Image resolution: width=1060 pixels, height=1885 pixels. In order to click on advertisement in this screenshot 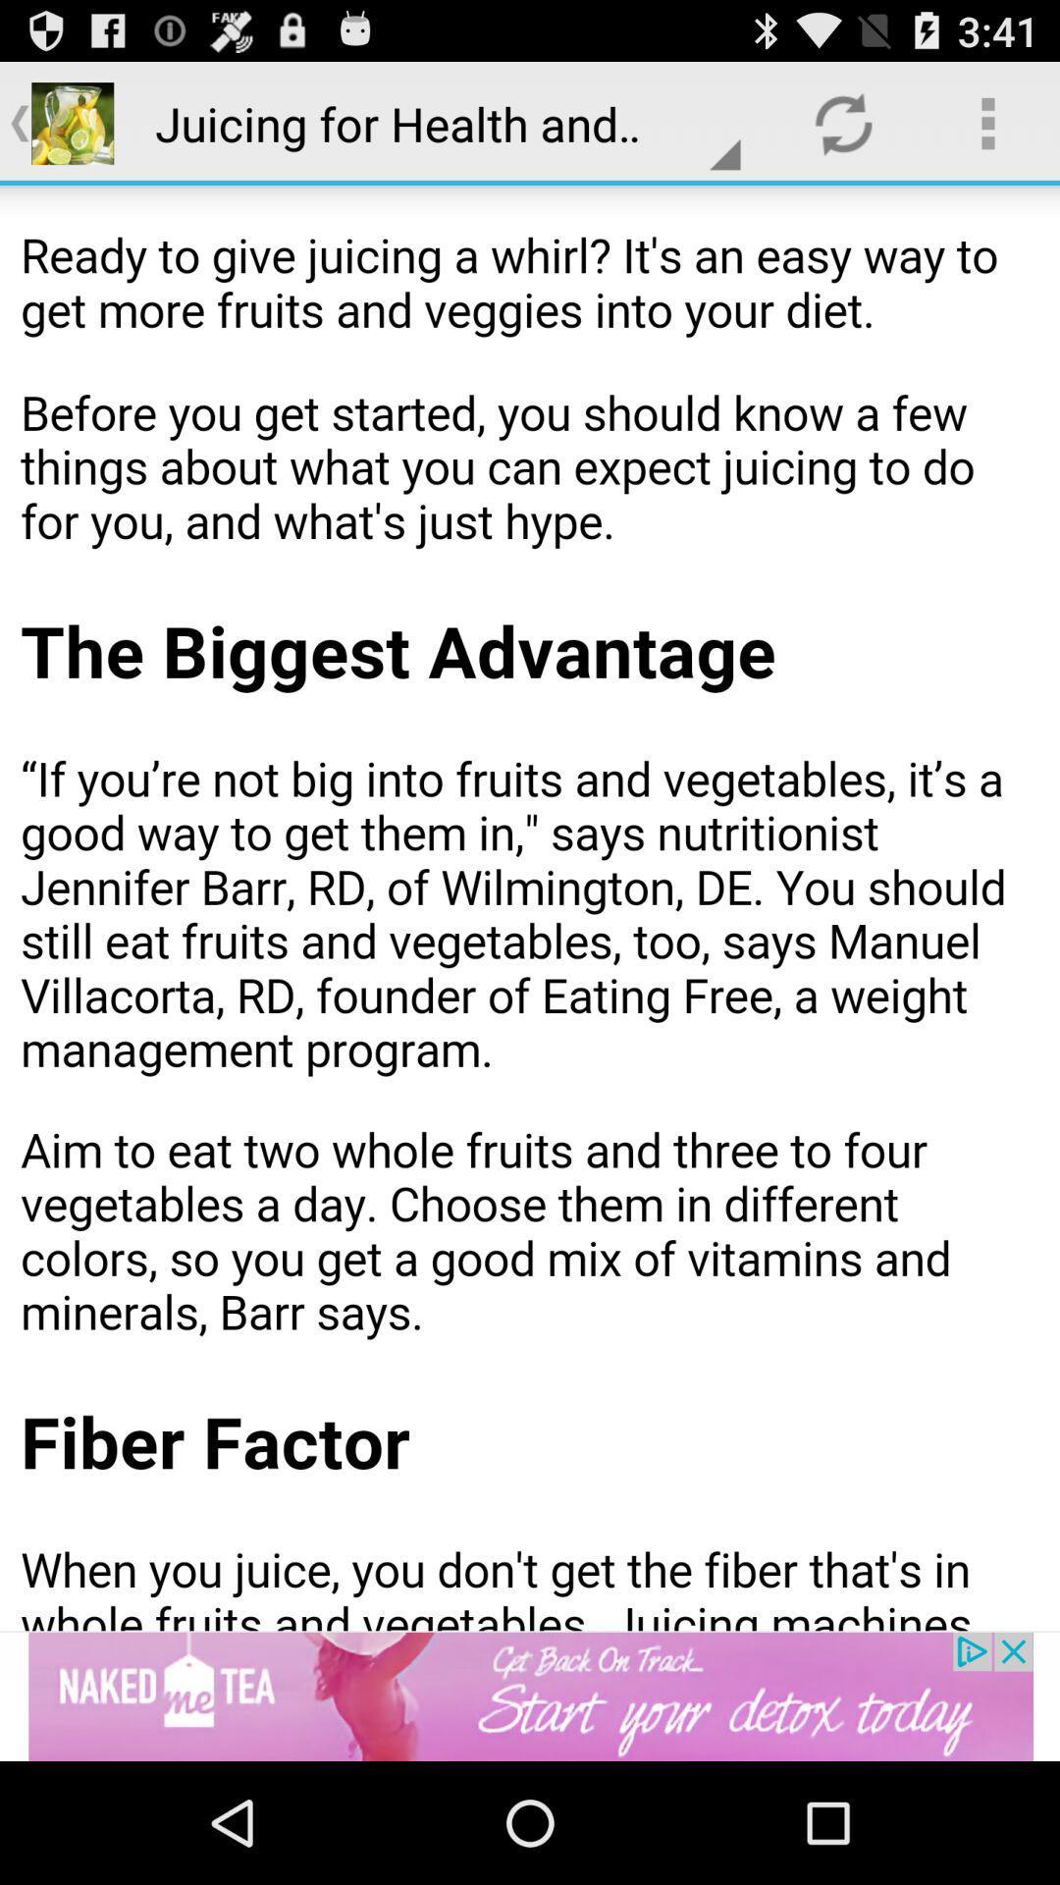, I will do `click(530, 1696)`.